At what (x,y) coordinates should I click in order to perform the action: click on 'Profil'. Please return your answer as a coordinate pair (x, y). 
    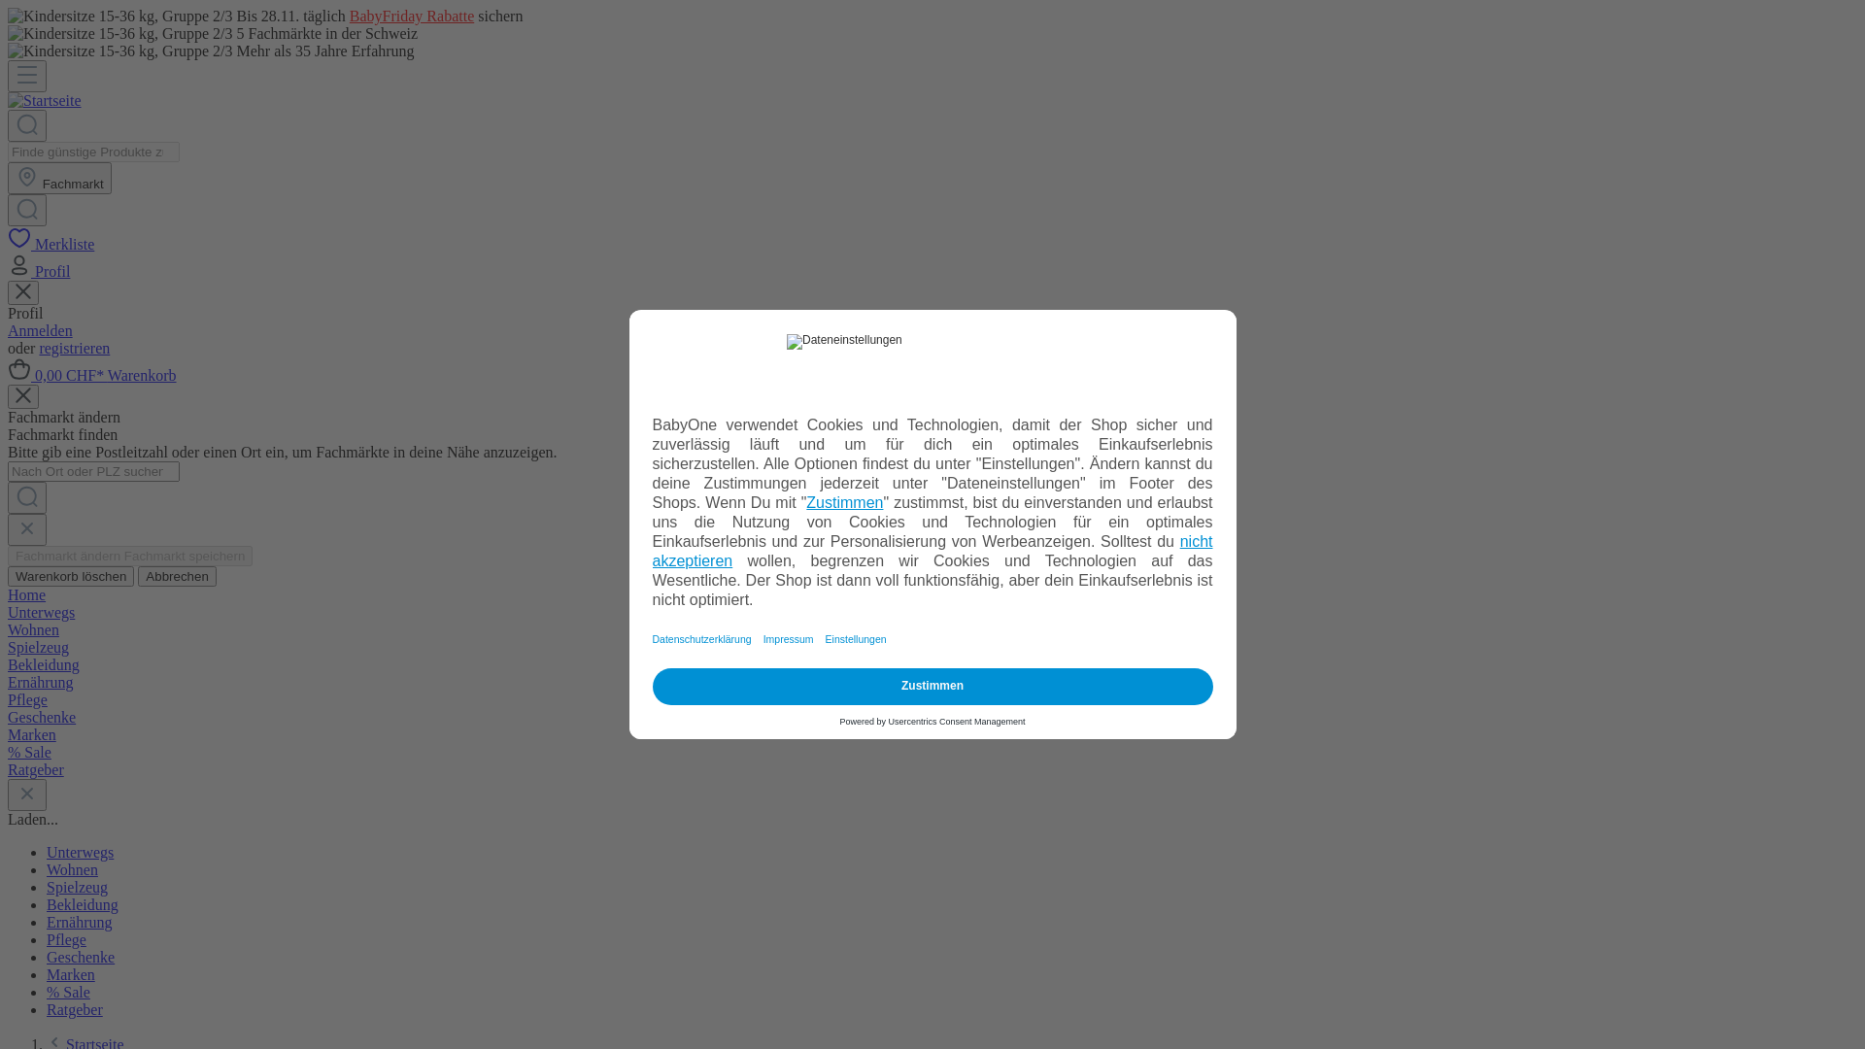
    Looking at the image, I should click on (38, 271).